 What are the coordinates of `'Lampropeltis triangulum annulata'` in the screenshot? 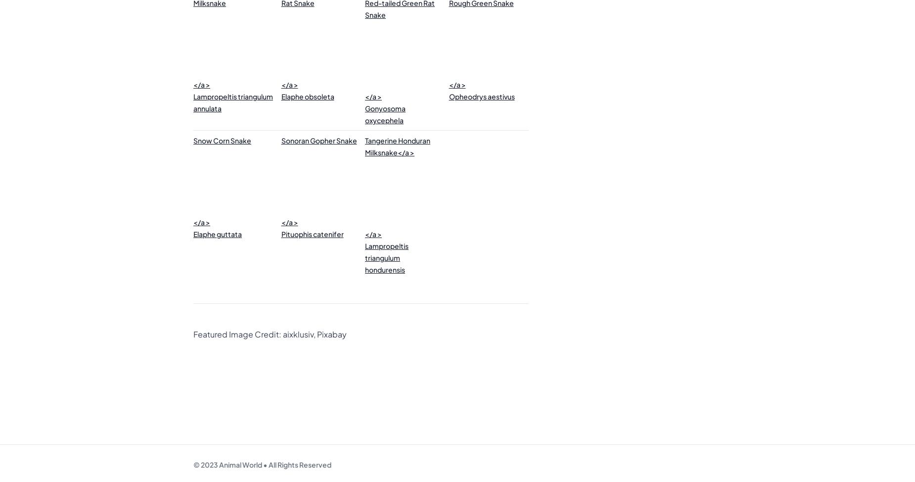 It's located at (233, 102).